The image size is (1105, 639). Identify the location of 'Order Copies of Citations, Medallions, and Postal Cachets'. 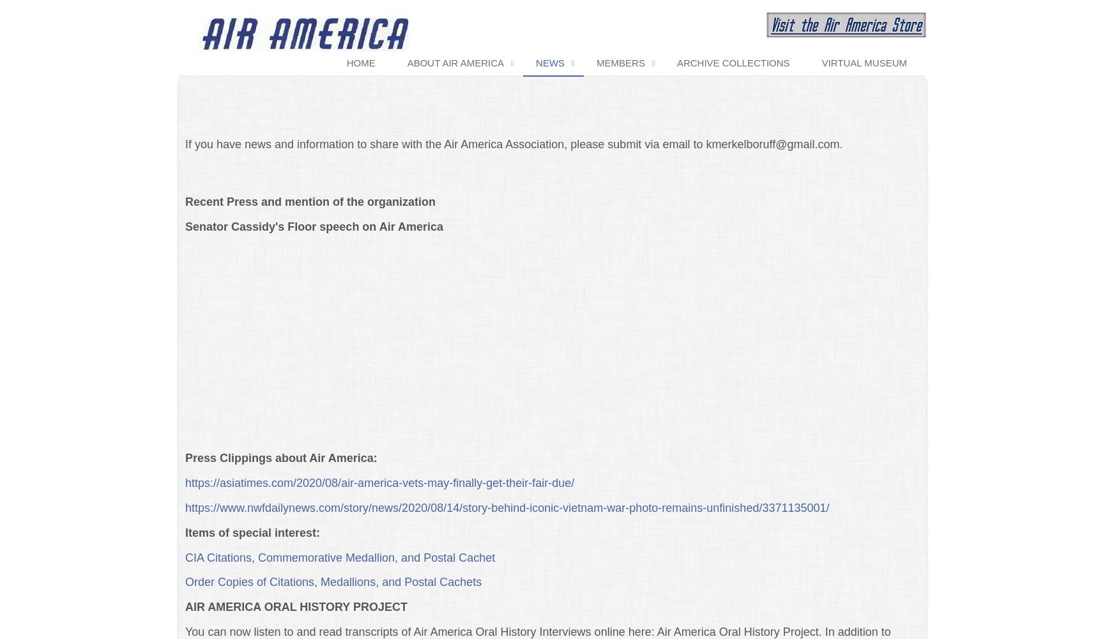
(332, 582).